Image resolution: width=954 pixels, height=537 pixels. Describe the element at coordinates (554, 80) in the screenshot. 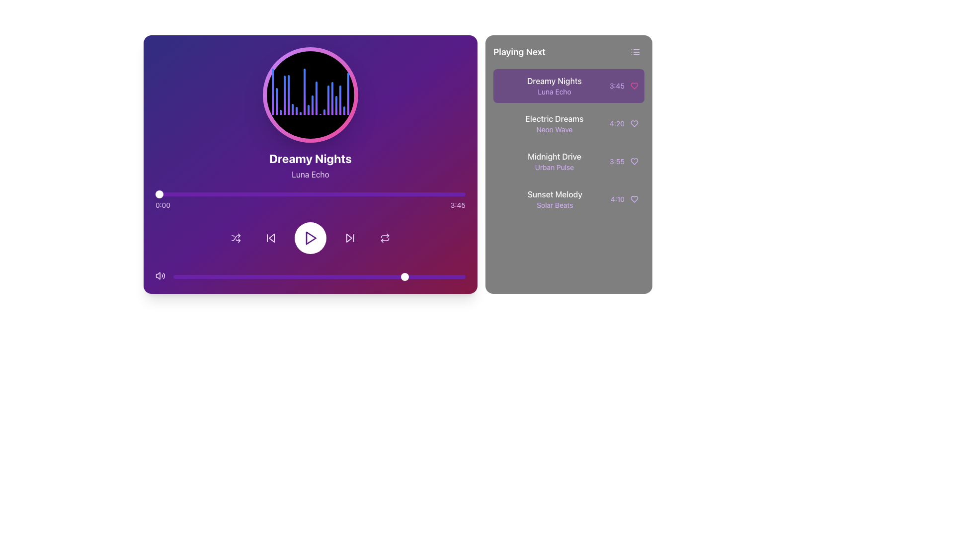

I see `the text label displaying the title of the currently selected song in the 'Playing Next' section, located above the 'Luna Echo' text` at that location.